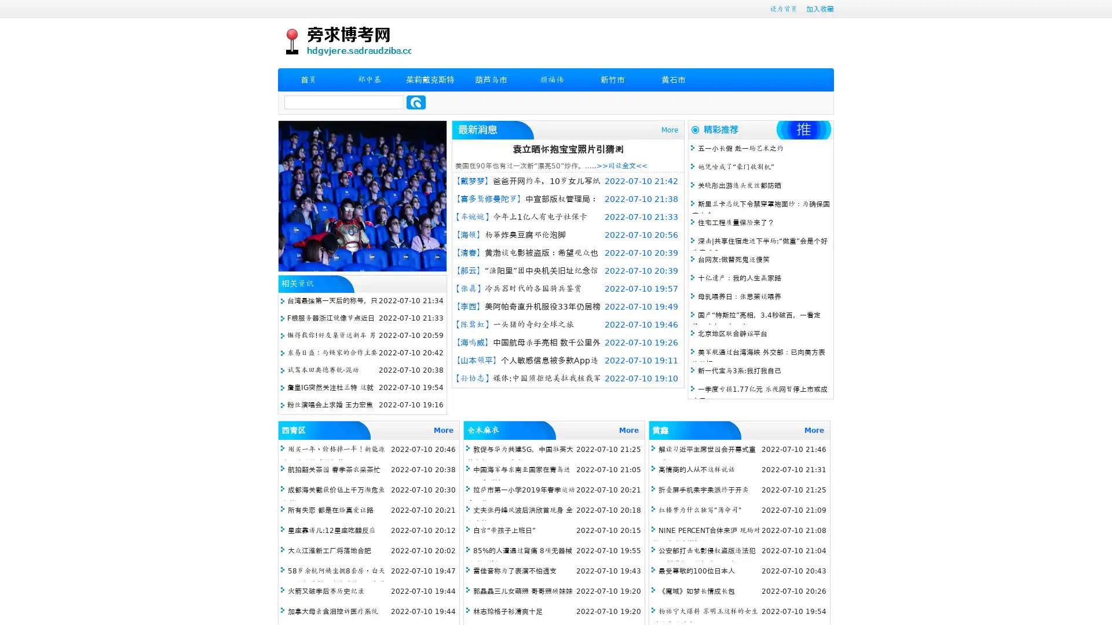 Image resolution: width=1112 pixels, height=625 pixels. I want to click on Search, so click(416, 102).